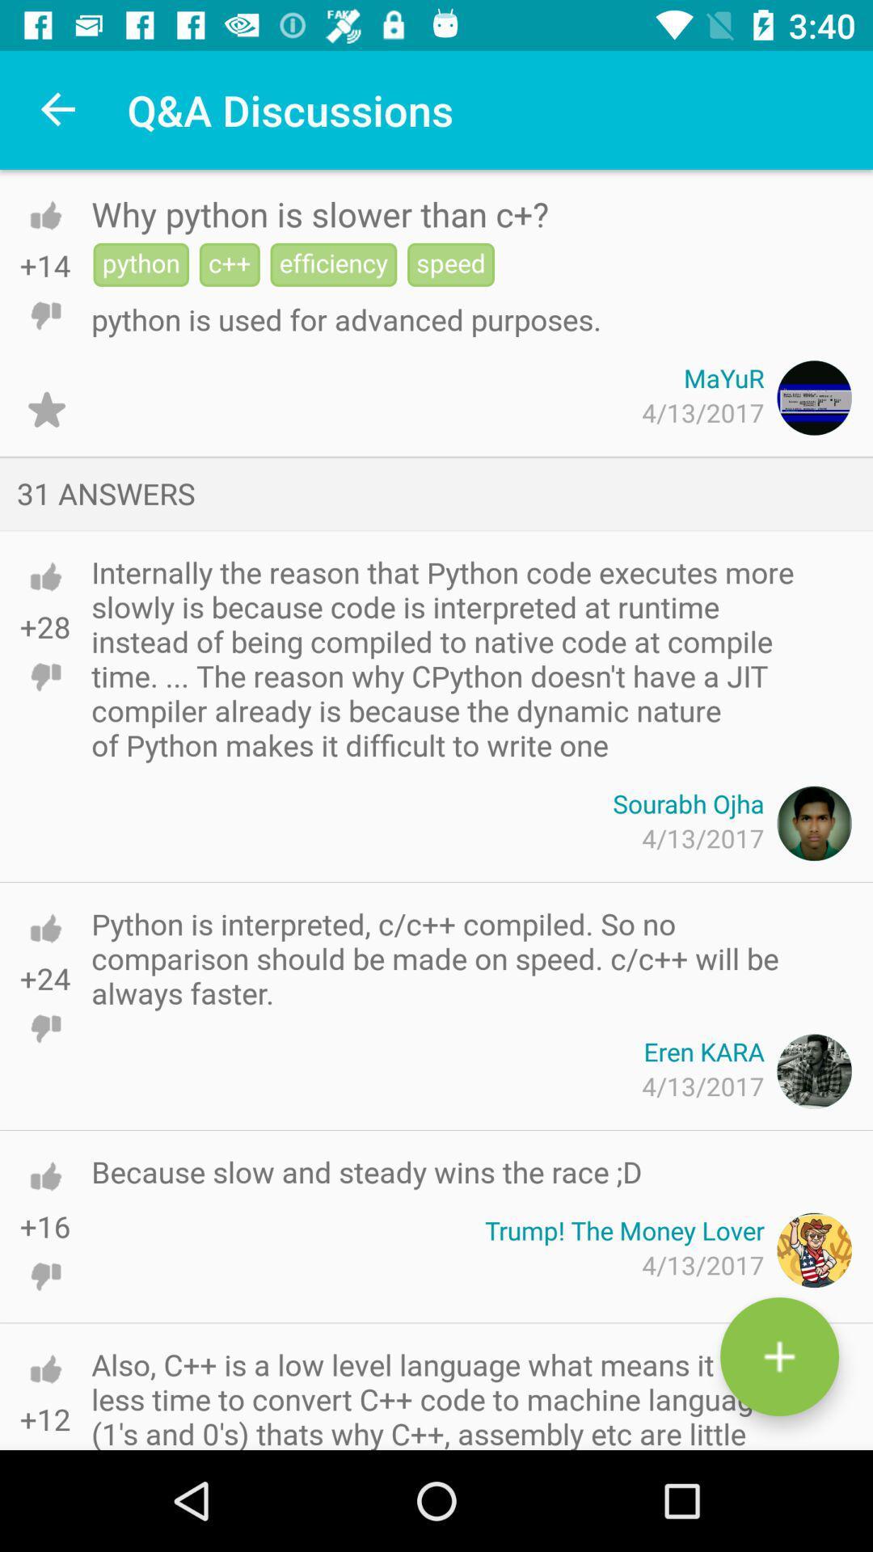 The image size is (873, 1552). I want to click on see the additional content of the page, so click(778, 1356).